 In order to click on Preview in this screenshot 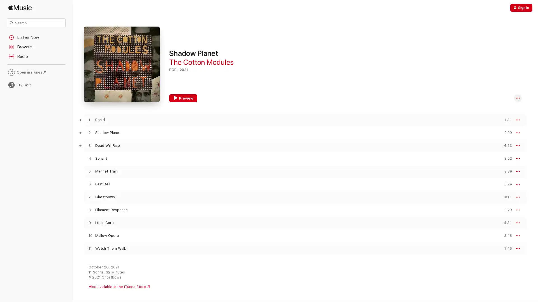, I will do `click(505, 184)`.